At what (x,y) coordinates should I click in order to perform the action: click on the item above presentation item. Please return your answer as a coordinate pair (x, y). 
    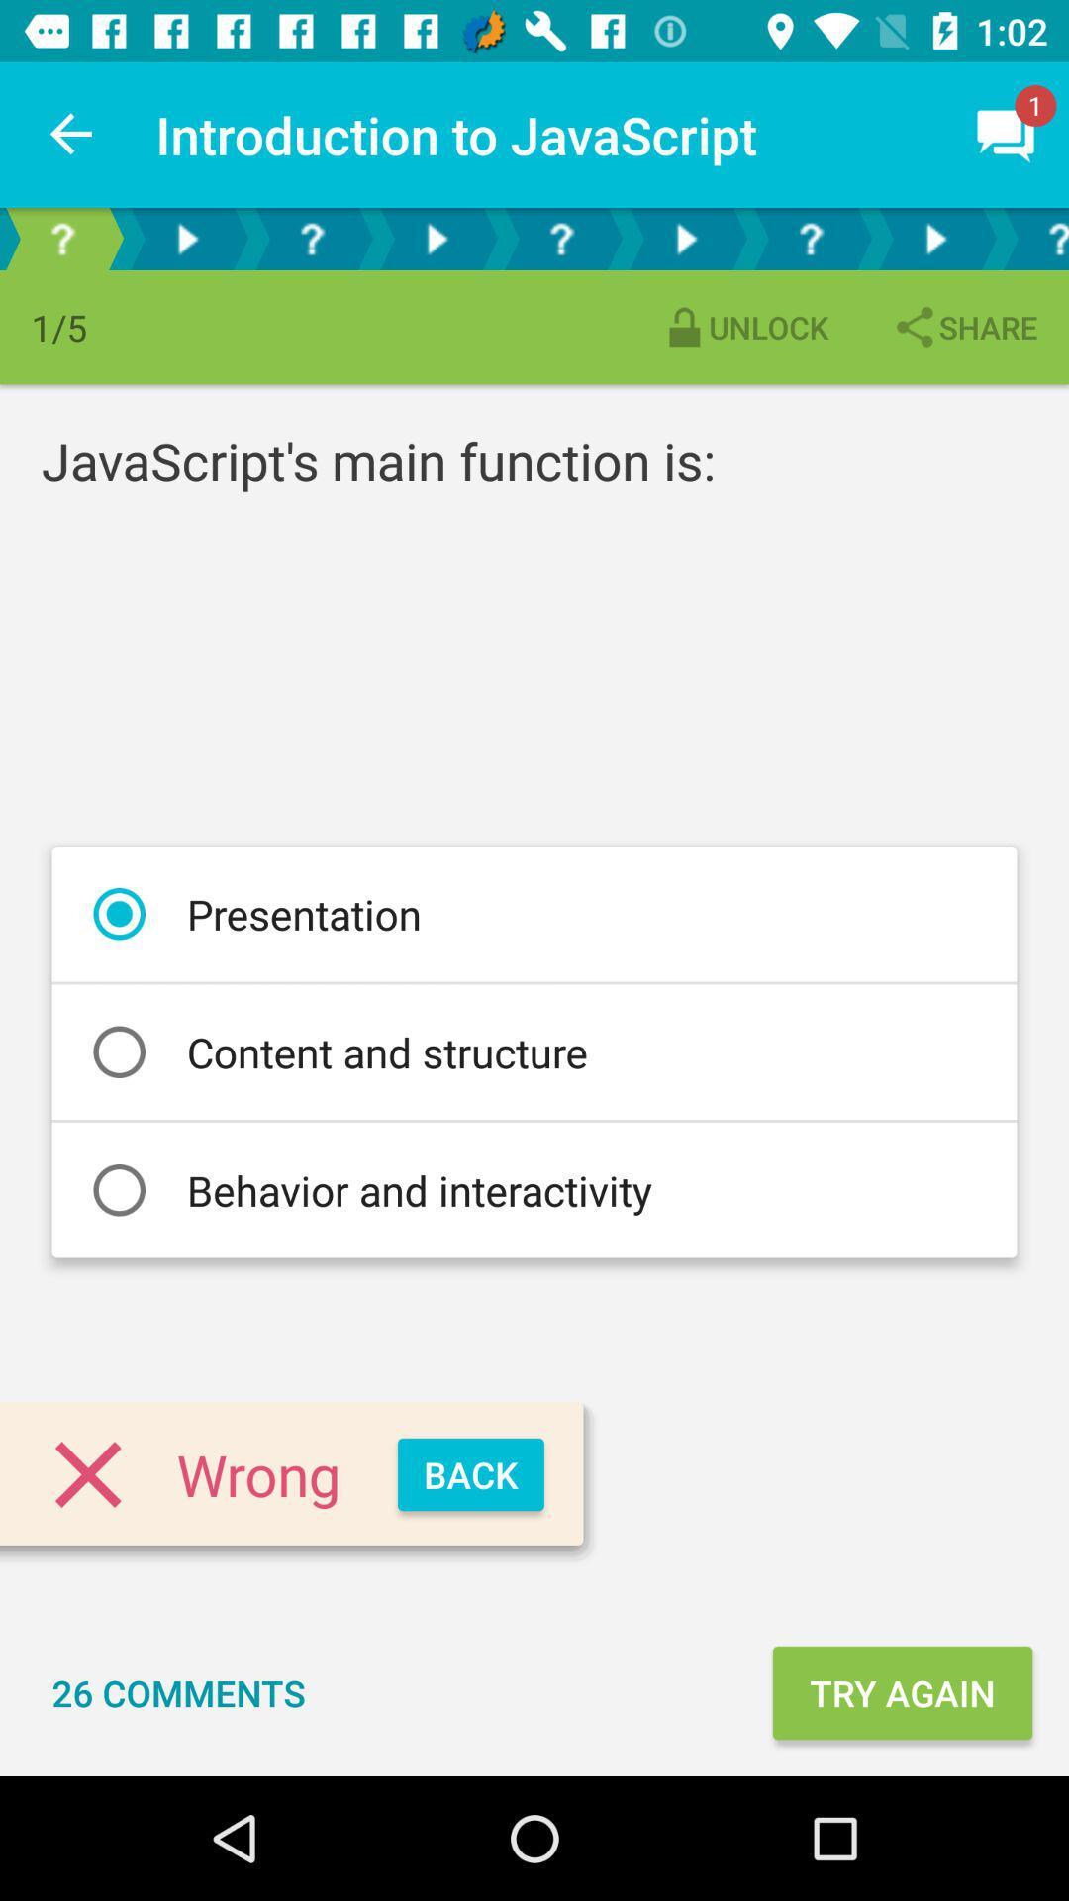
    Looking at the image, I should click on (963, 327).